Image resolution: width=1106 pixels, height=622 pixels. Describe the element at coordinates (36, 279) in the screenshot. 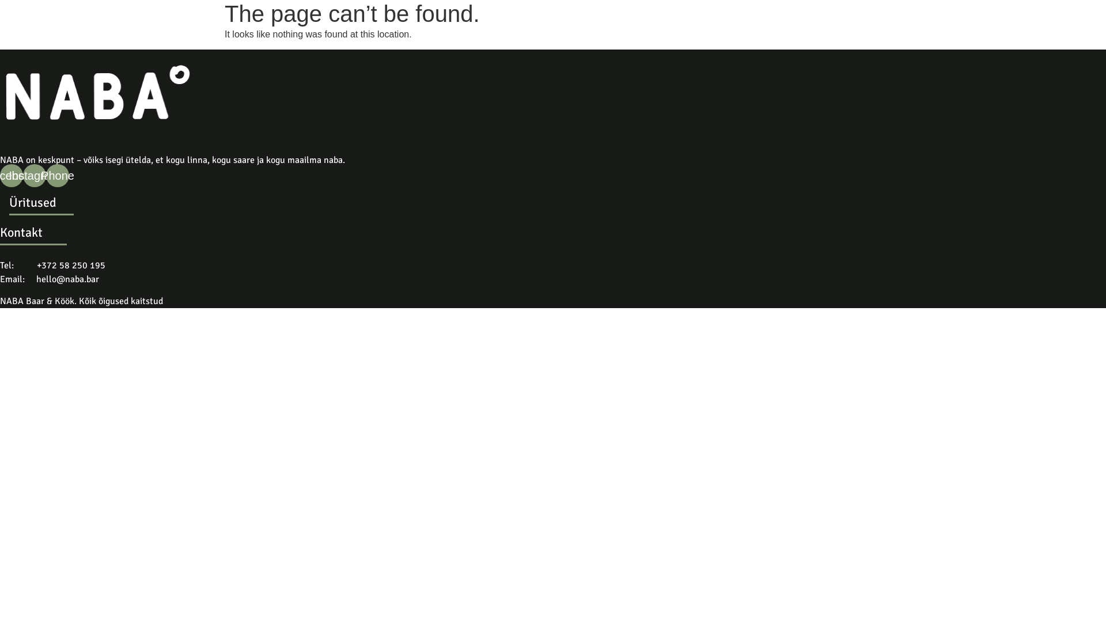

I see `'hello@naba.bar'` at that location.